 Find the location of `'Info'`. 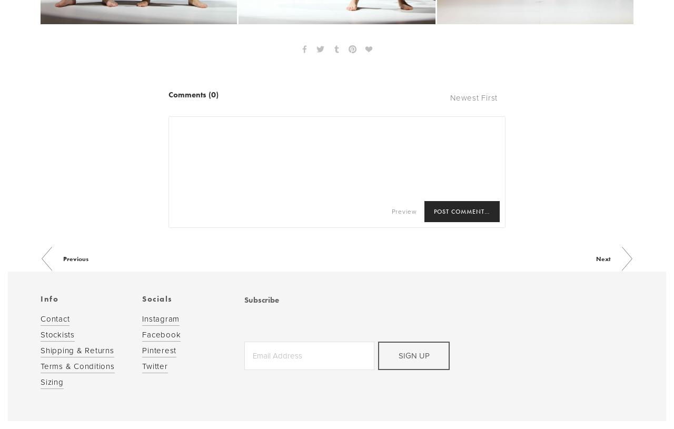

'Info' is located at coordinates (48, 297).